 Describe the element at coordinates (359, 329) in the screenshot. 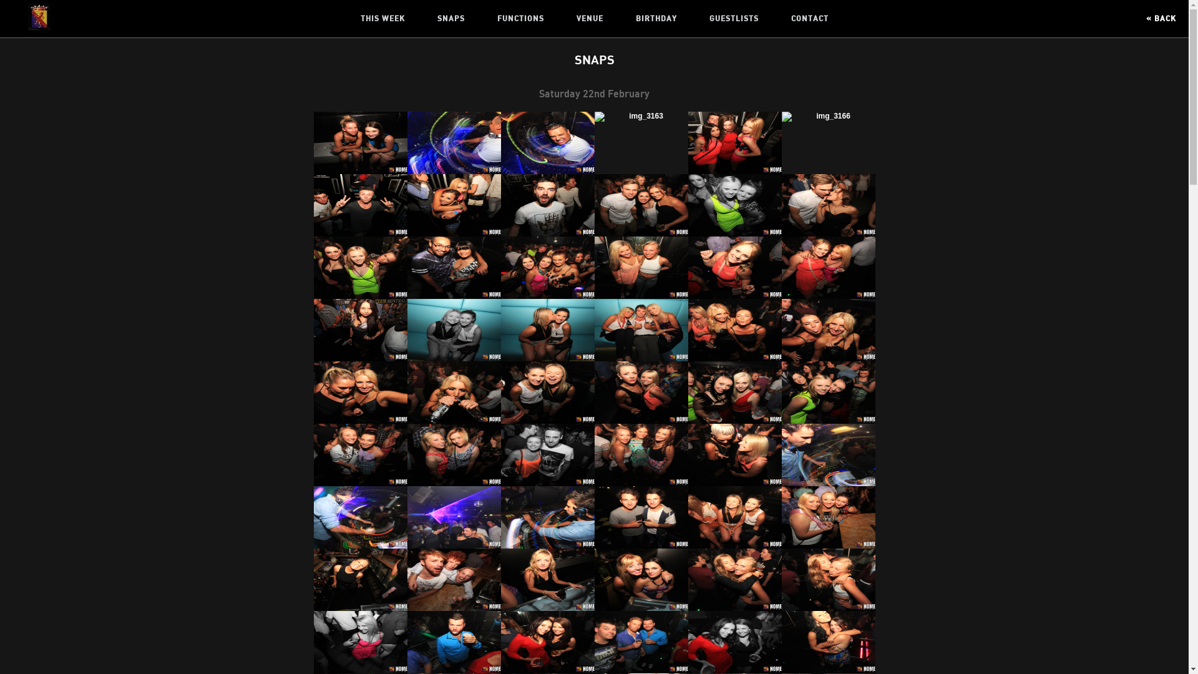

I see `' '` at that location.